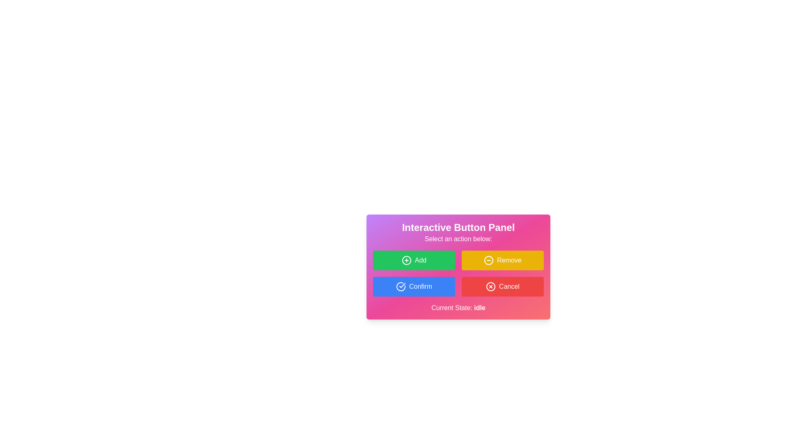 The width and height of the screenshot is (788, 443). I want to click on the bolded text label 'idle' which indicates the current state of the system, displayed within the text block 'Current State: idle', so click(480, 308).